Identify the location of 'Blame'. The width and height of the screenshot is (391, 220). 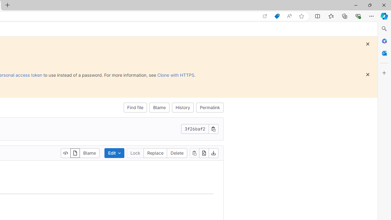
(159, 107).